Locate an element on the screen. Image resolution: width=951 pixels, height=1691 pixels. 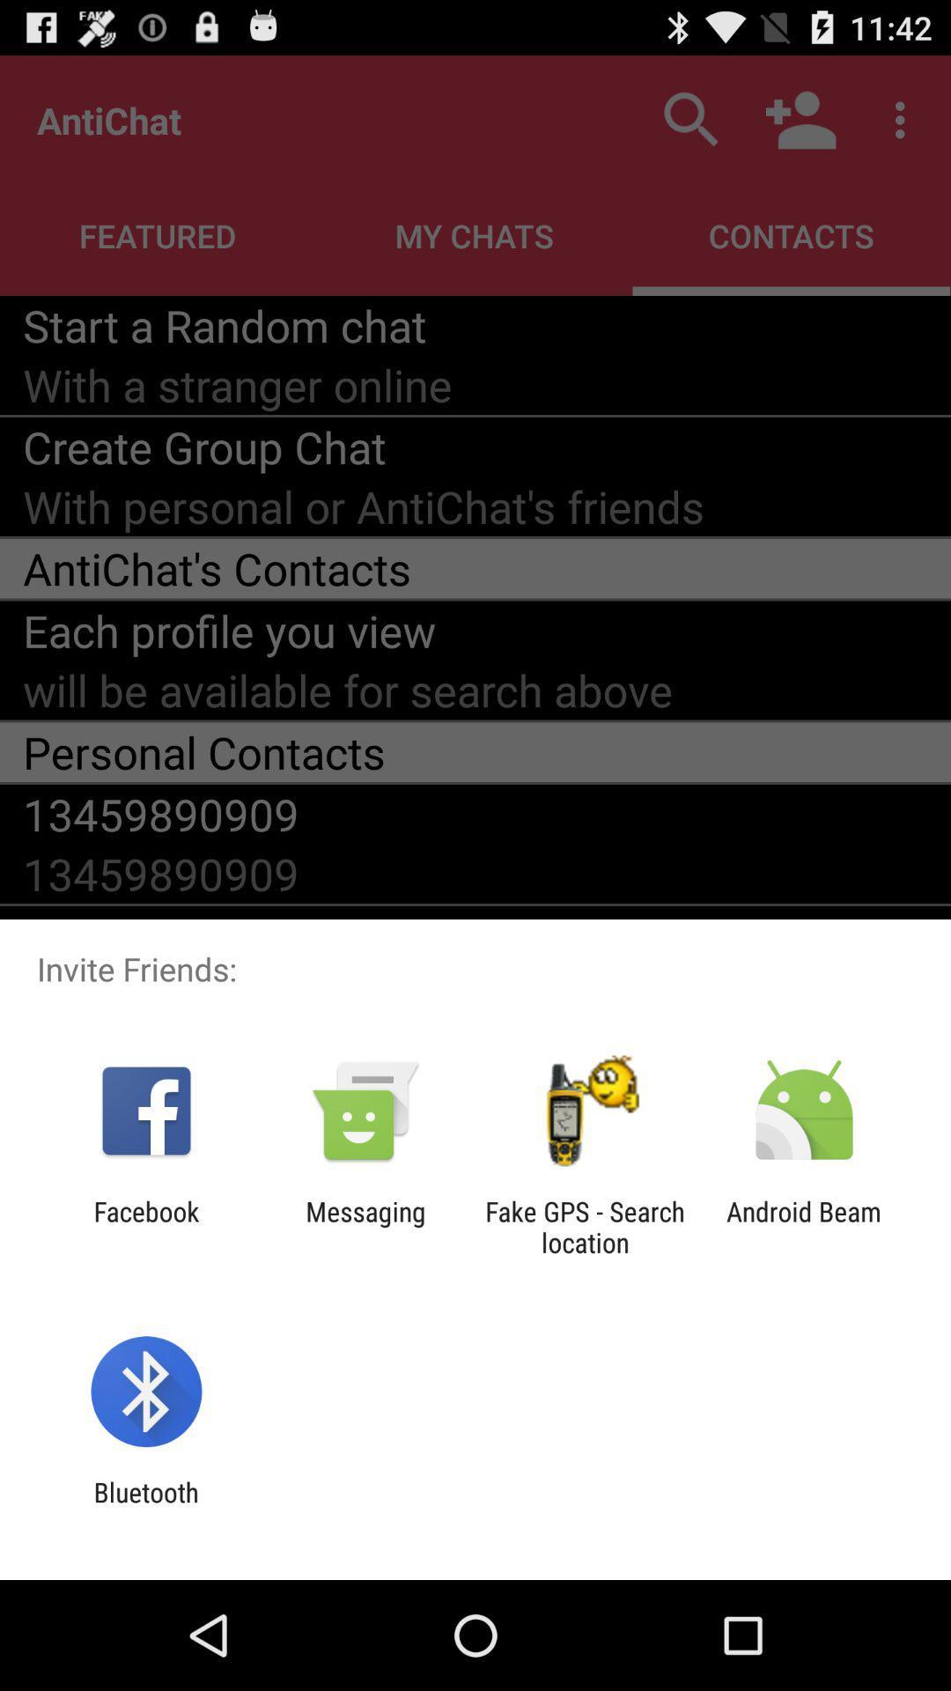
the item next to the android beam icon is located at coordinates (585, 1226).